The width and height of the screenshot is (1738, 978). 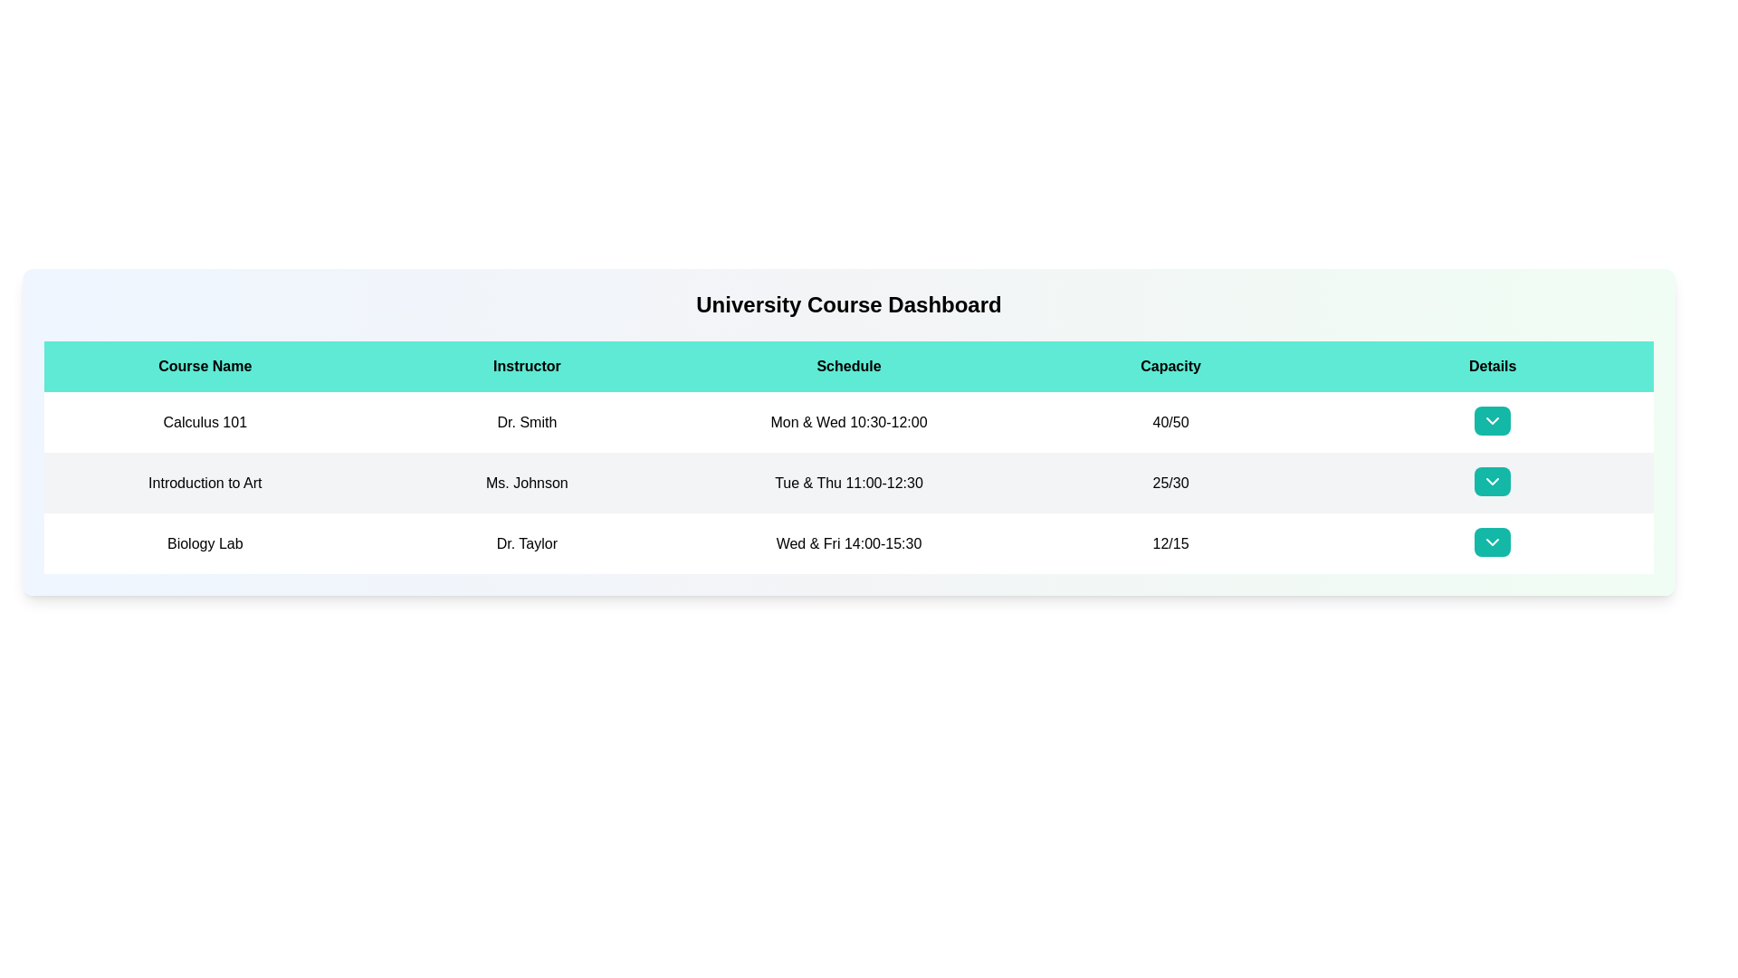 What do you see at coordinates (526, 367) in the screenshot?
I see `the 'Instructor' text label, which is the second item in the header row of a table, displayed in bold with a turquoise background` at bounding box center [526, 367].